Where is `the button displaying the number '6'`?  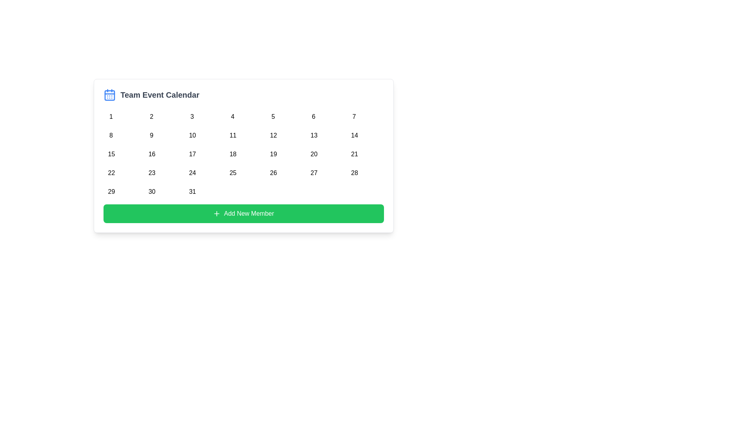 the button displaying the number '6' is located at coordinates (314, 115).